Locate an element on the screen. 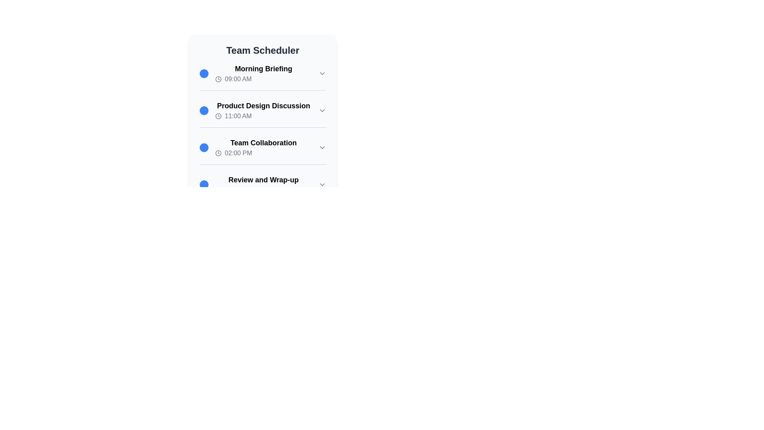 Image resolution: width=764 pixels, height=430 pixels. the circular clock icon located to the left of the text '09:00 AM' and below the label 'Morning Briefing' is located at coordinates (218, 79).